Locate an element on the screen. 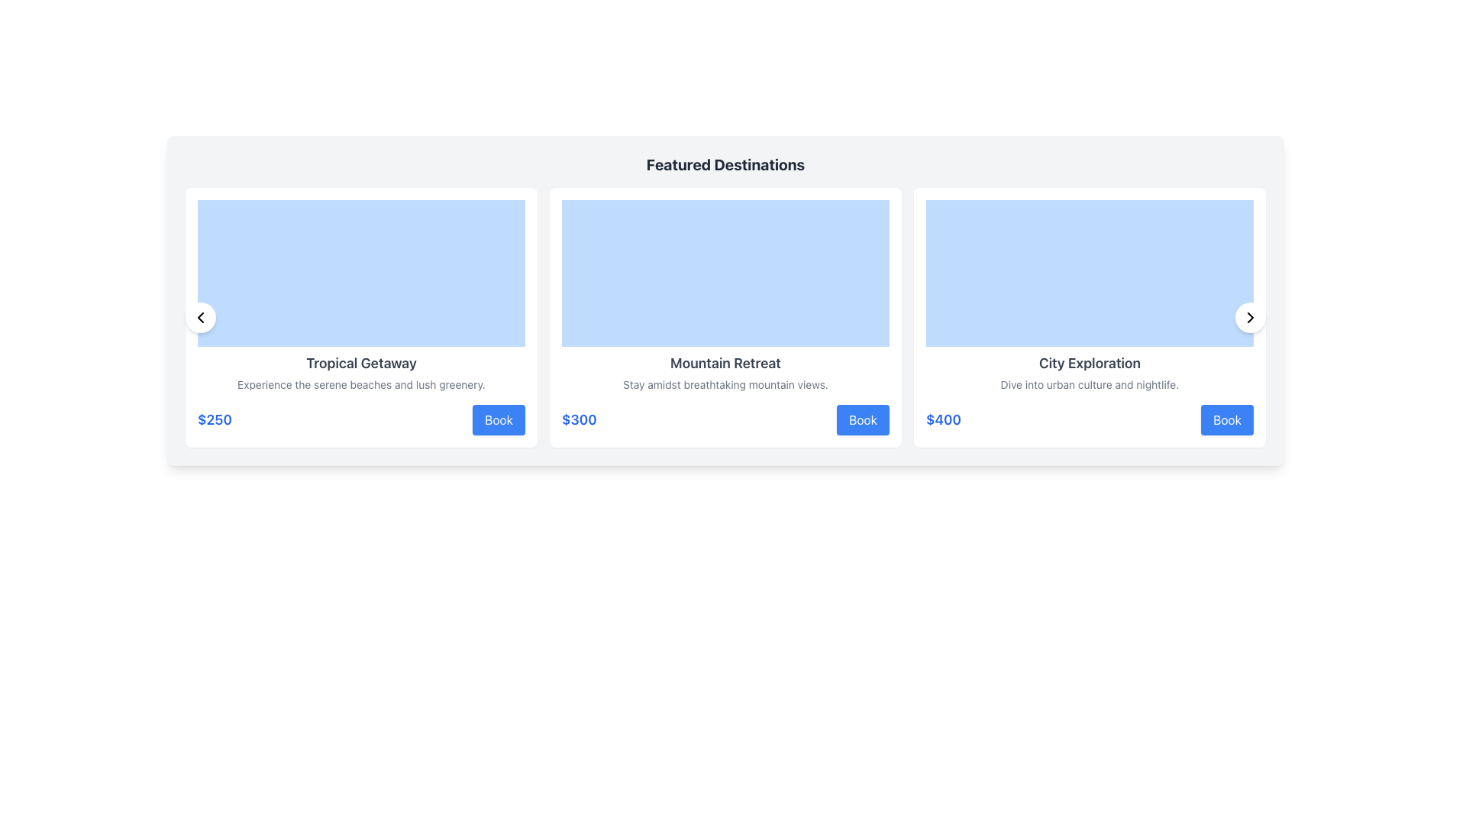 Image resolution: width=1466 pixels, height=825 pixels. the 'Book' button with a blue background and white text located beneath the '$400' label in the third card section under 'Featured Destinations' is located at coordinates (1227, 420).